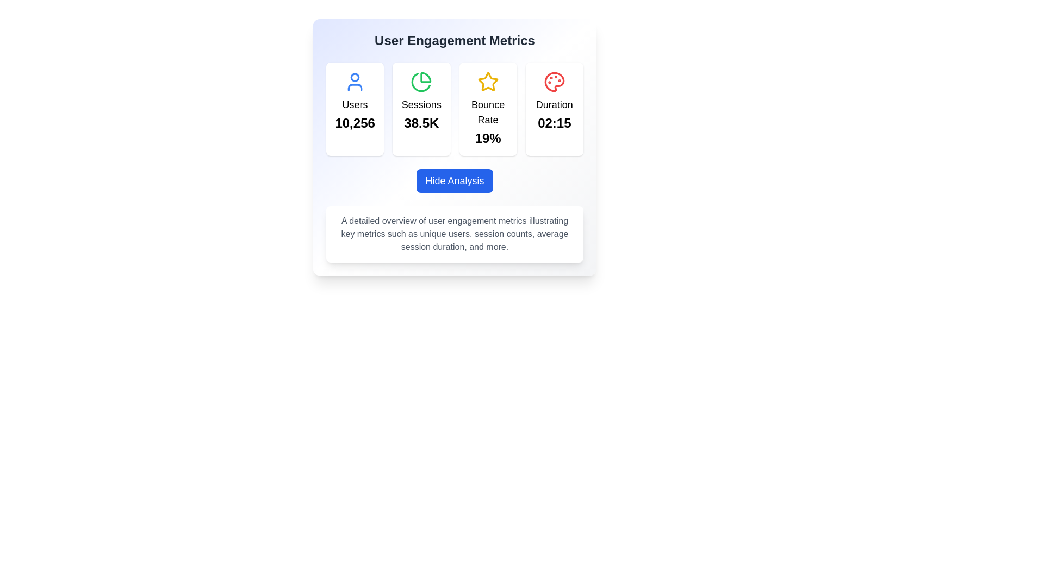  I want to click on the heading text element located at the top center of the card, which summarizes the content and purpose of the displayed metrics below, so click(455, 40).